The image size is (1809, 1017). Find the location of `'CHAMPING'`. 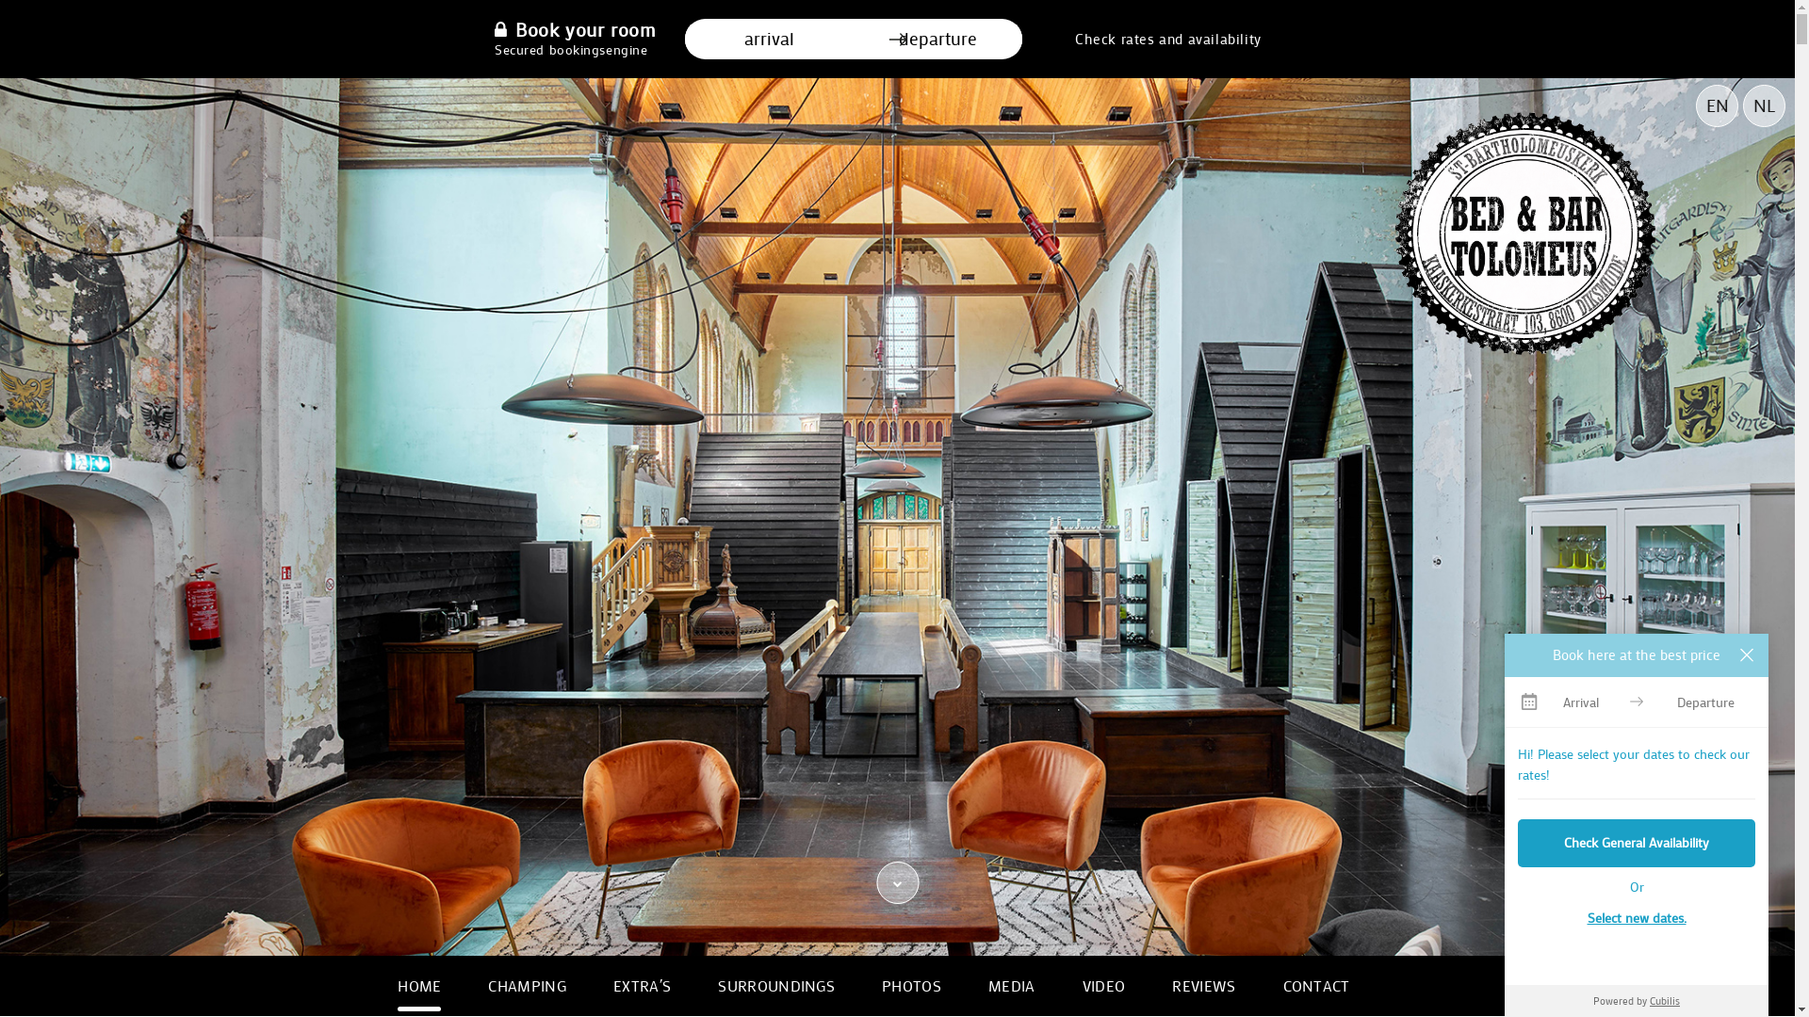

'CHAMPING' is located at coordinates (527, 984).